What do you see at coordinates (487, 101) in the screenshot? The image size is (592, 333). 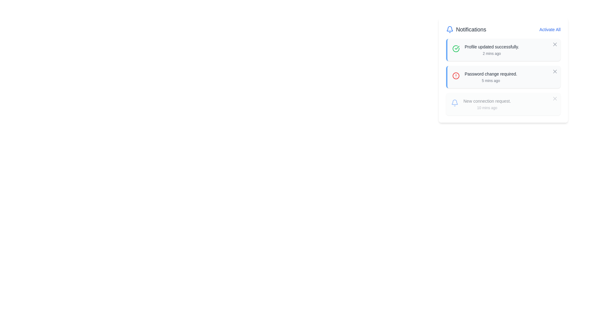 I see `contents of the Text label that conveys a message regarding a new connection request, located within a notification card above the timestamp '10 mins ago'` at bounding box center [487, 101].